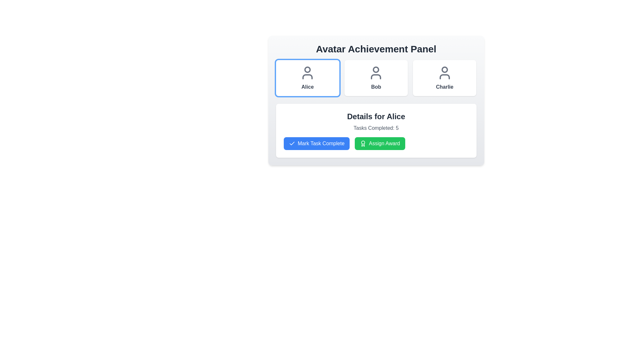  What do you see at coordinates (307, 76) in the screenshot?
I see `the lower part of the user avatar icon representing 'Alice', which is located in the card above the 'Alice' label` at bounding box center [307, 76].